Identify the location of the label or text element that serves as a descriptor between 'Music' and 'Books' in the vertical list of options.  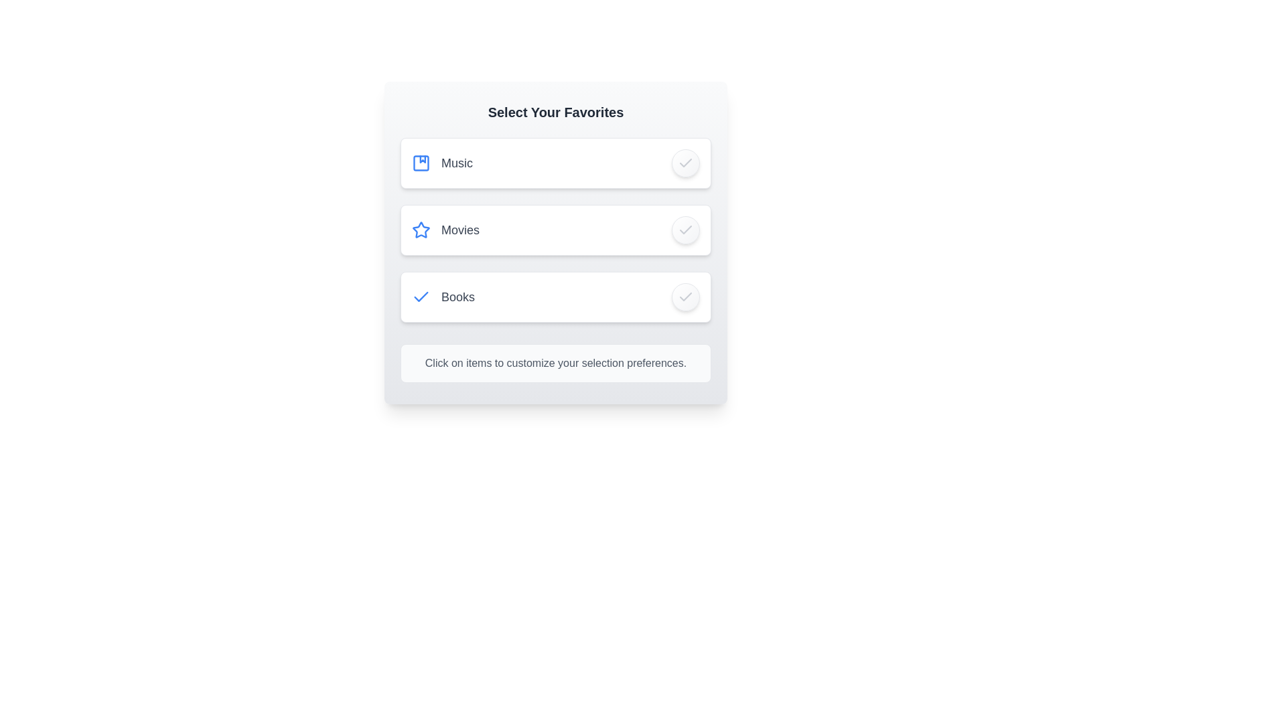
(460, 229).